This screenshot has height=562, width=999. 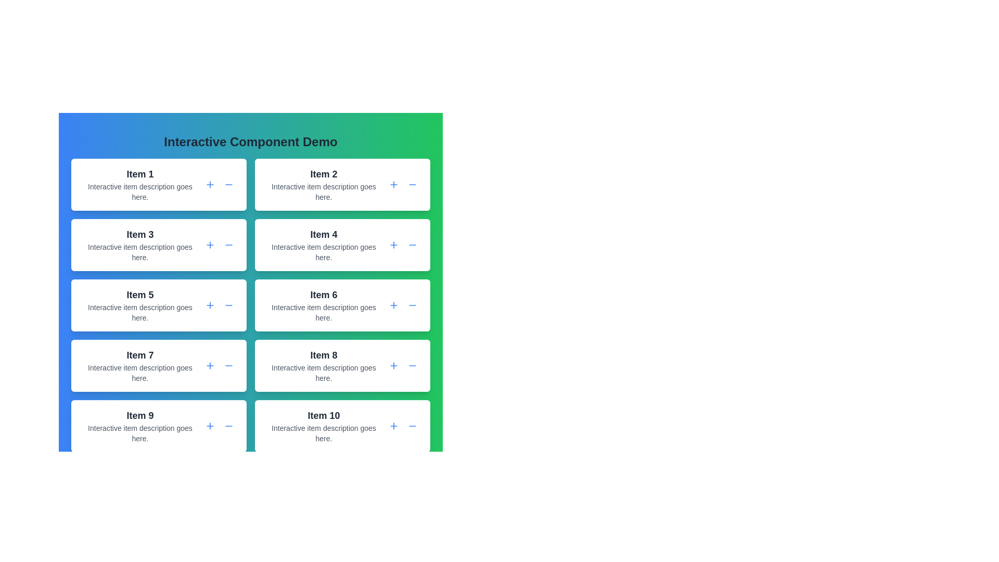 What do you see at coordinates (139, 235) in the screenshot?
I see `the Text label that serves as the title or identifier for the specific item in the list, located in the left column of a two-column grid layout, at the top section of the third row` at bounding box center [139, 235].